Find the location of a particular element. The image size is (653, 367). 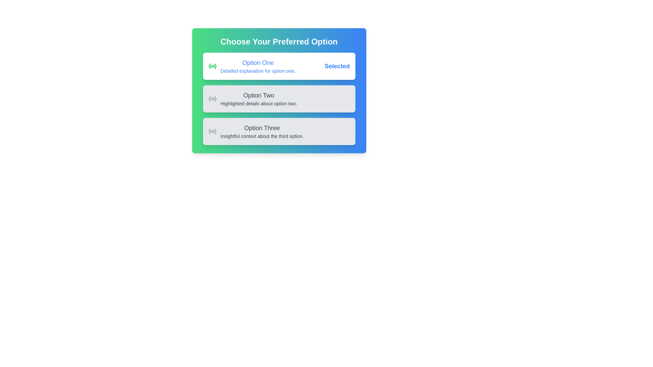

the 'Option Three' item, which is a rectangular area with rounded corners, gray background, and includes a radio icon on the left along with the heading 'Option Three' and its description is located at coordinates (279, 131).